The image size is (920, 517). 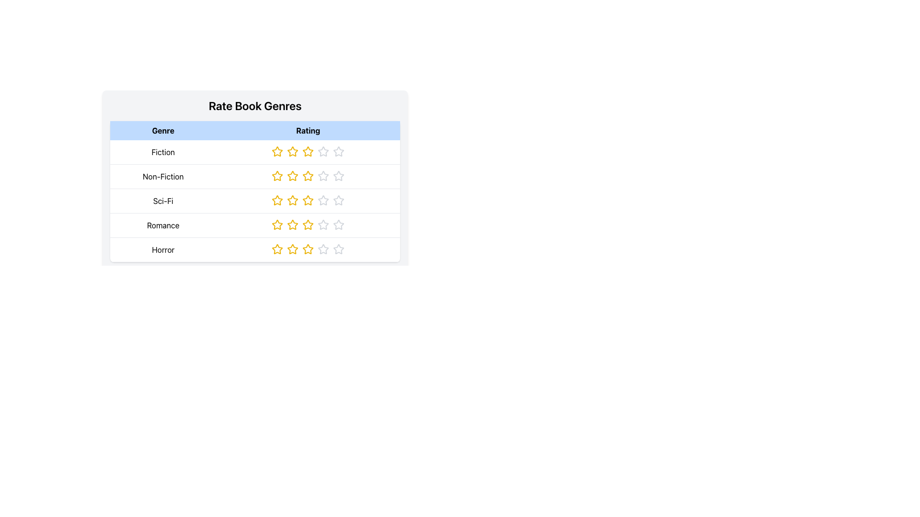 What do you see at coordinates (323, 248) in the screenshot?
I see `the fourth star in the five-star rating for the 'Horror' category` at bounding box center [323, 248].